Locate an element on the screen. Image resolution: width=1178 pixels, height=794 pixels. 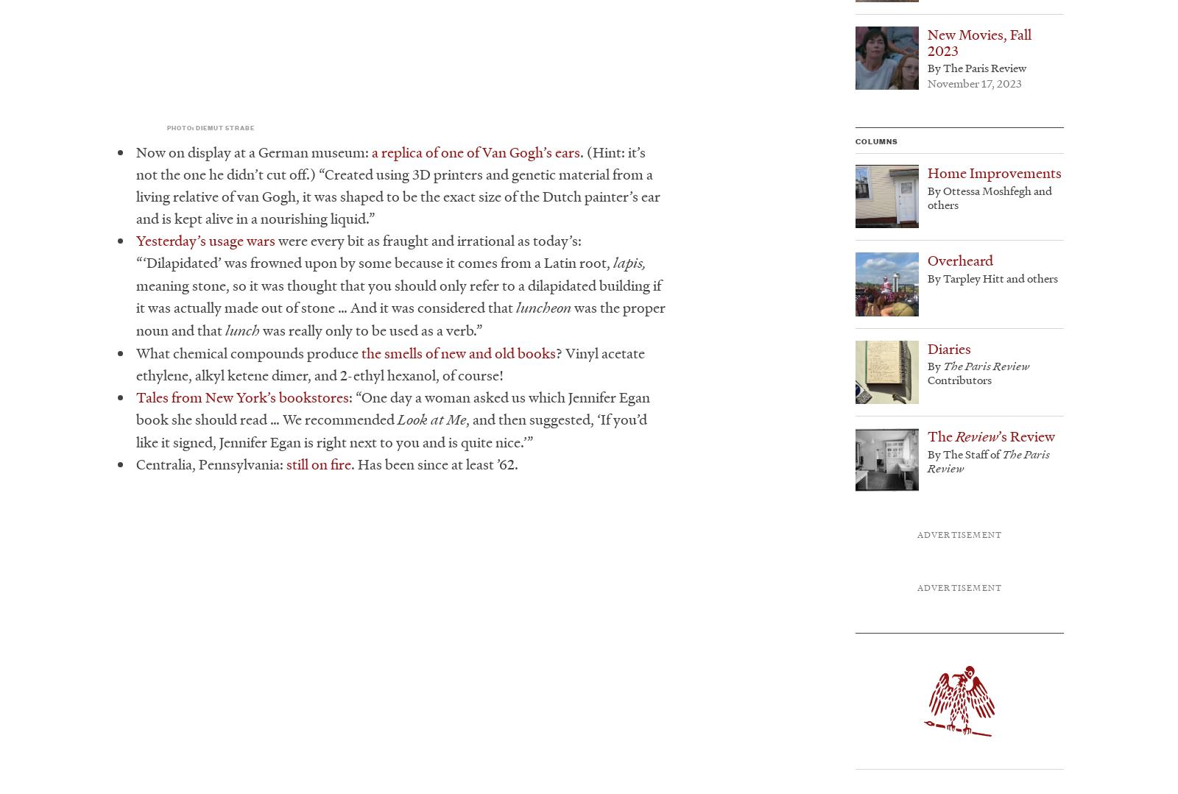
'was the proper noun and that' is located at coordinates (400, 319).